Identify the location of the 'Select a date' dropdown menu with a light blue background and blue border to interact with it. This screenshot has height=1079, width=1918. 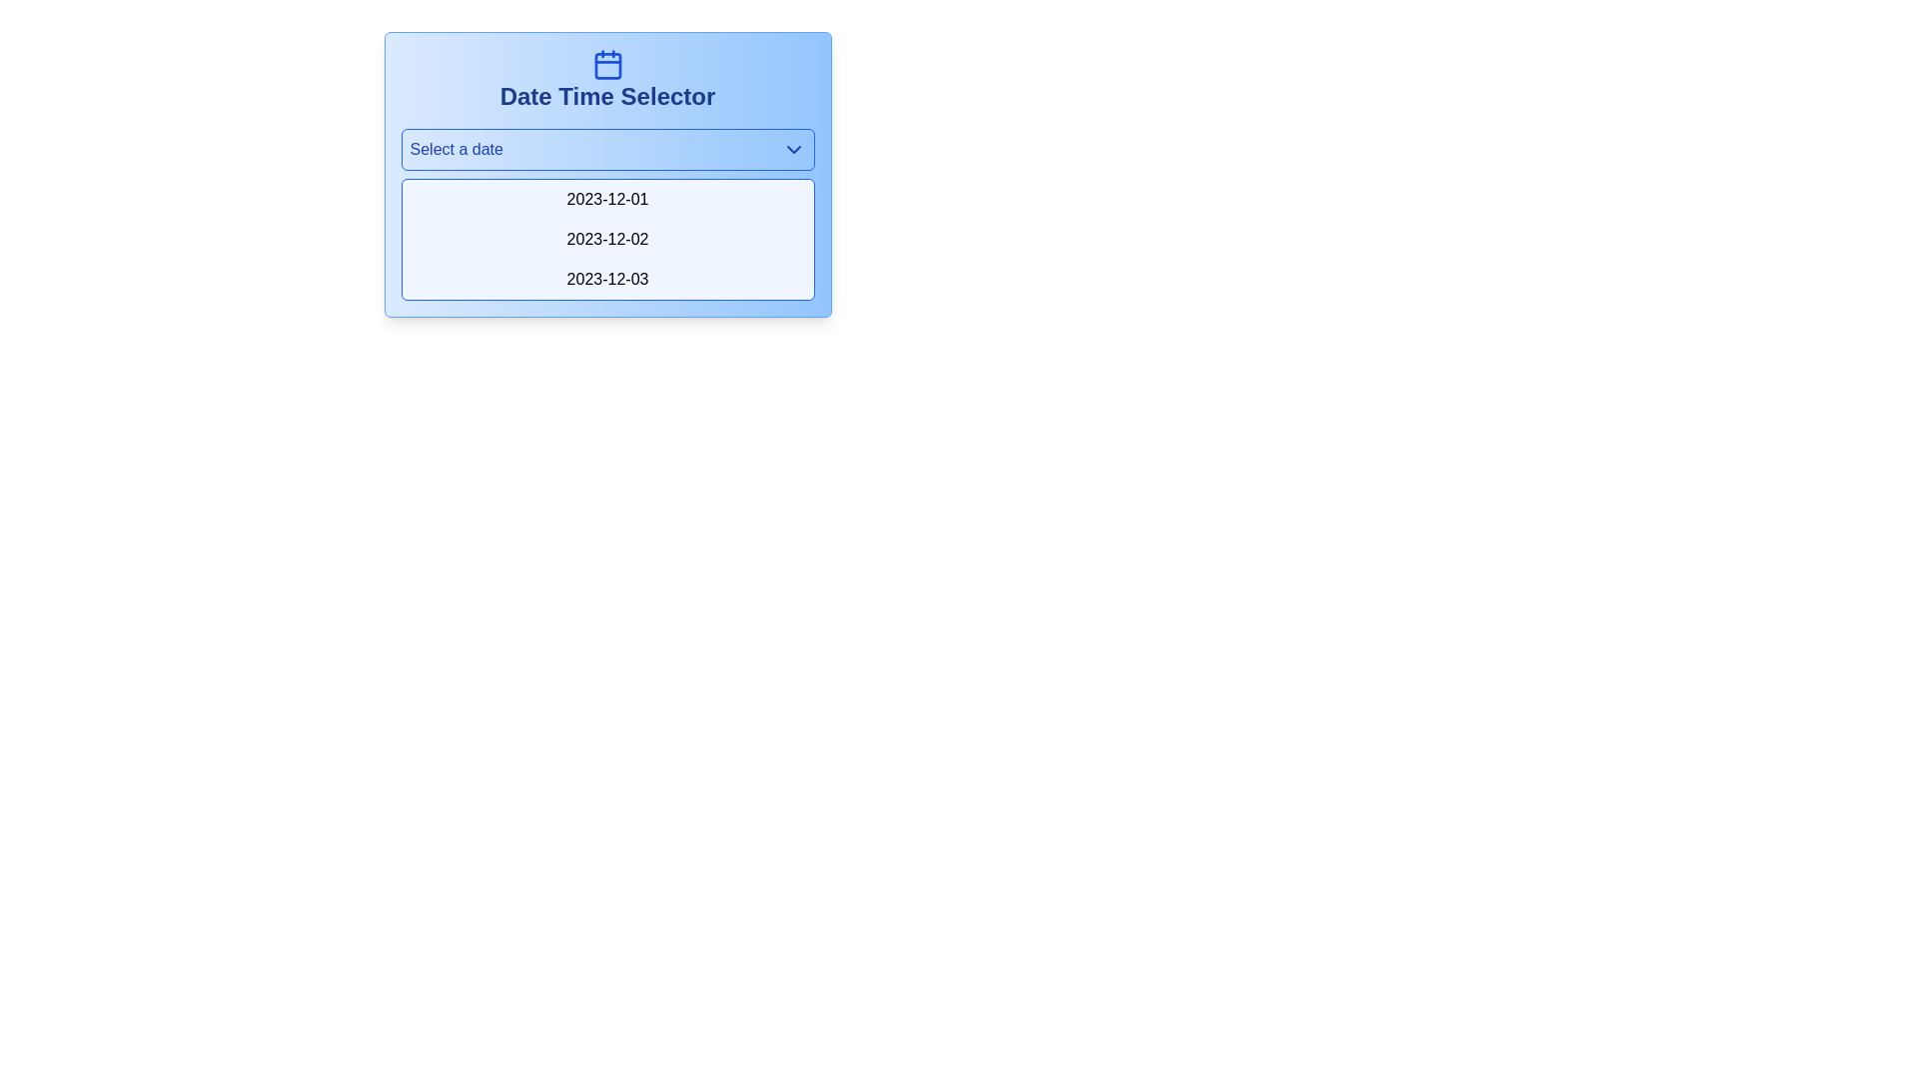
(606, 149).